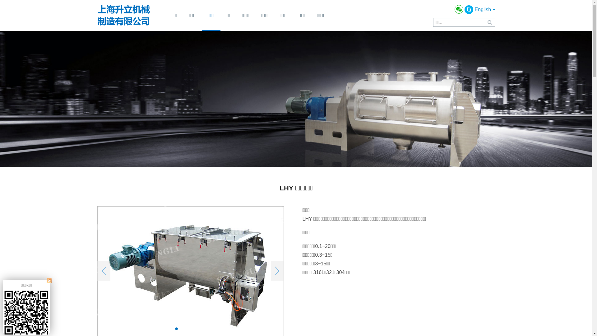 Image resolution: width=597 pixels, height=336 pixels. What do you see at coordinates (201, 328) in the screenshot?
I see `'4'` at bounding box center [201, 328].